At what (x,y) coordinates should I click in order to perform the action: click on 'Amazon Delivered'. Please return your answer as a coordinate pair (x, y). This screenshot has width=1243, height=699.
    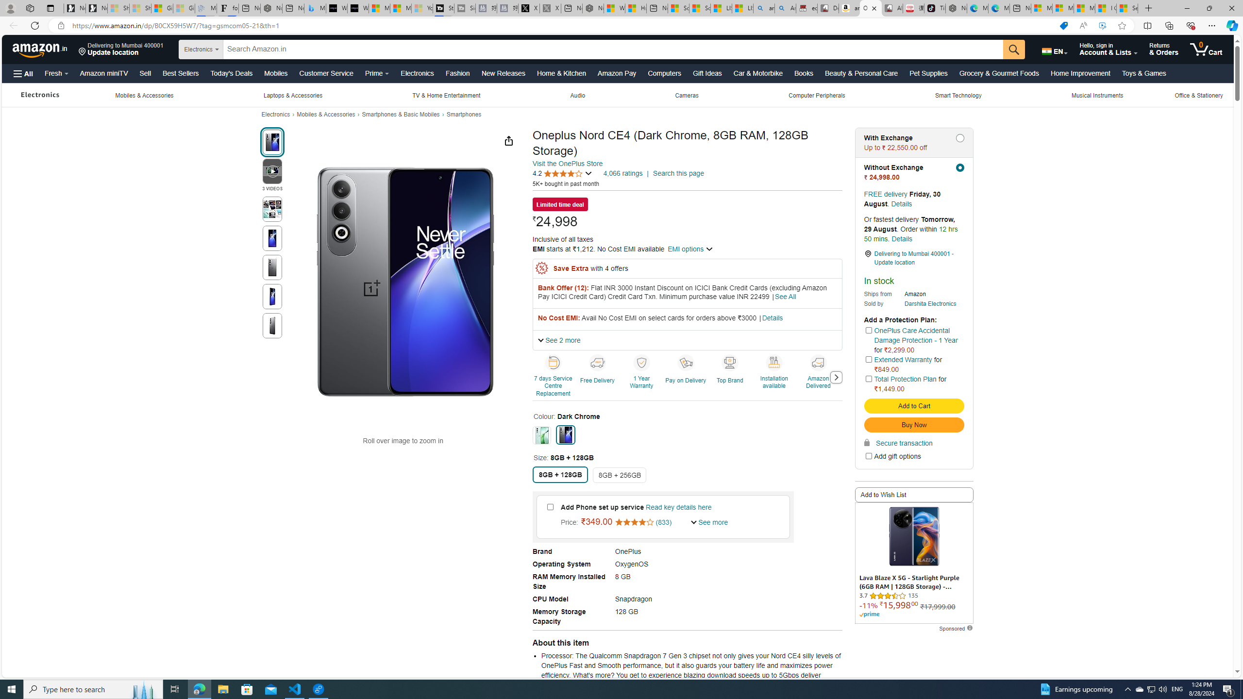
    Looking at the image, I should click on (819, 376).